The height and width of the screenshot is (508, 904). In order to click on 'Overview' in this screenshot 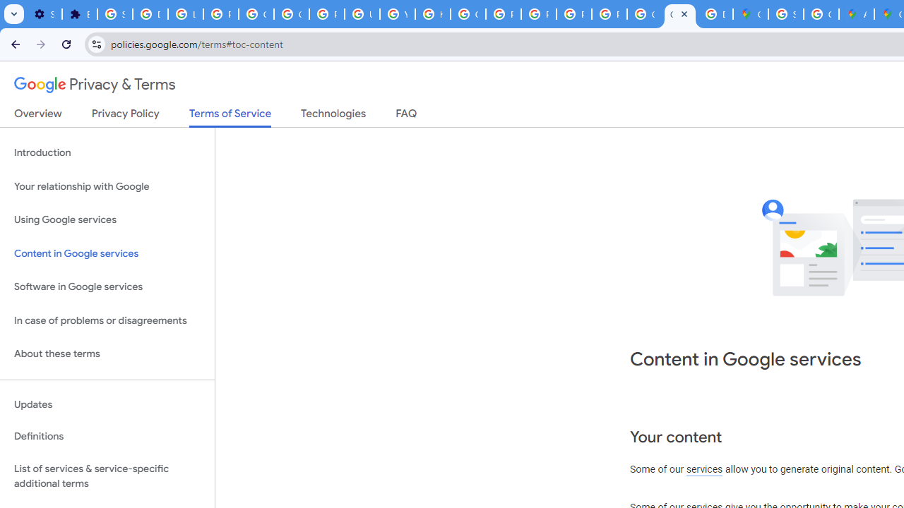, I will do `click(38, 116)`.